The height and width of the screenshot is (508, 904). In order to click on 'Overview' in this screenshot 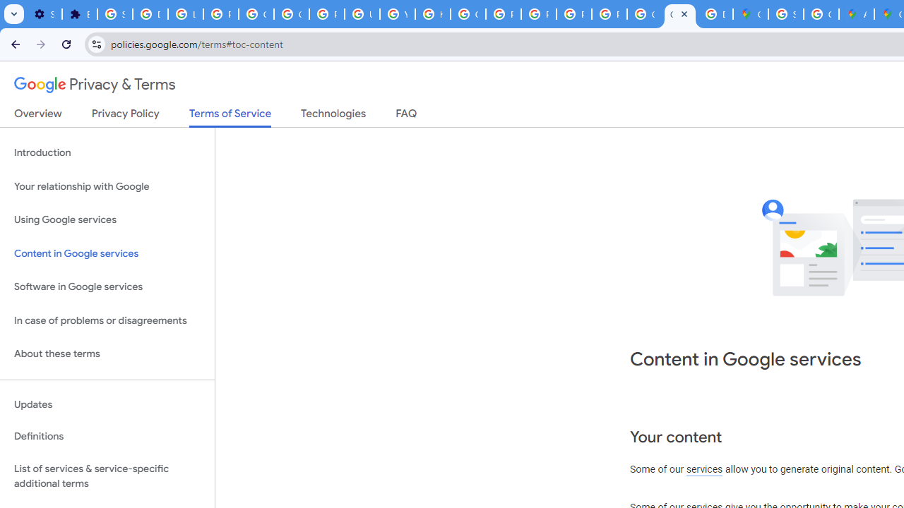, I will do `click(38, 116)`.